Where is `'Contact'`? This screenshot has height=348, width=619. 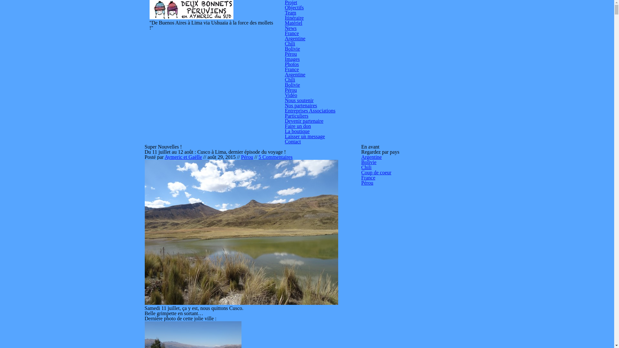 'Contact' is located at coordinates (284, 141).